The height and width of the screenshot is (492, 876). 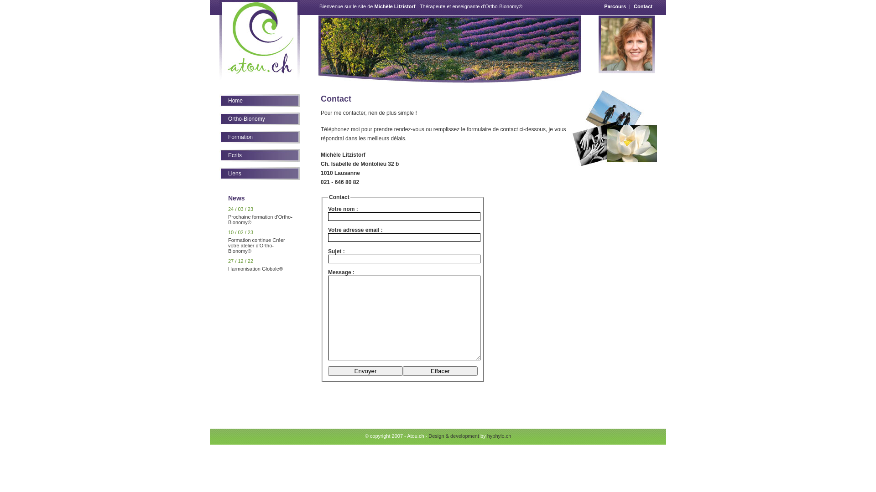 What do you see at coordinates (642, 6) in the screenshot?
I see `'Contact'` at bounding box center [642, 6].